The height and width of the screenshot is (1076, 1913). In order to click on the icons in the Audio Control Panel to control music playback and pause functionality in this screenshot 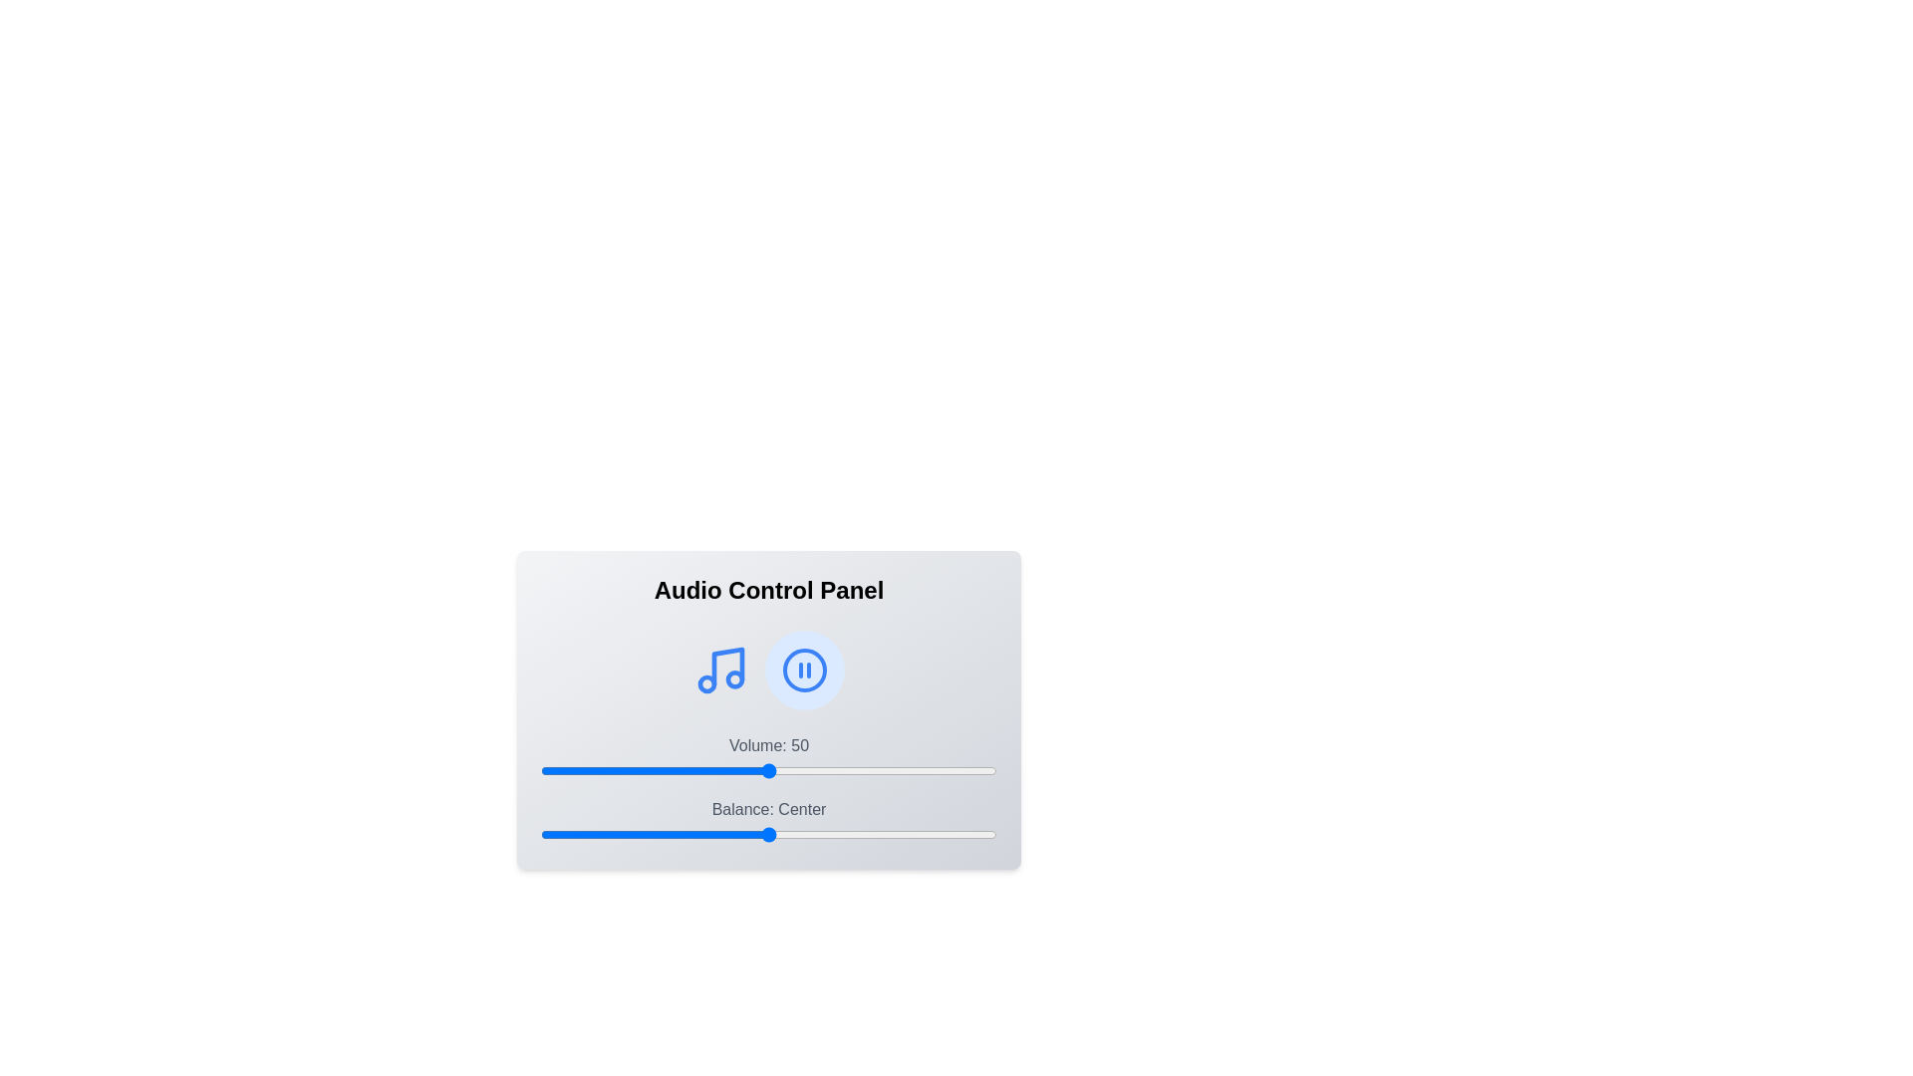, I will do `click(768, 670)`.